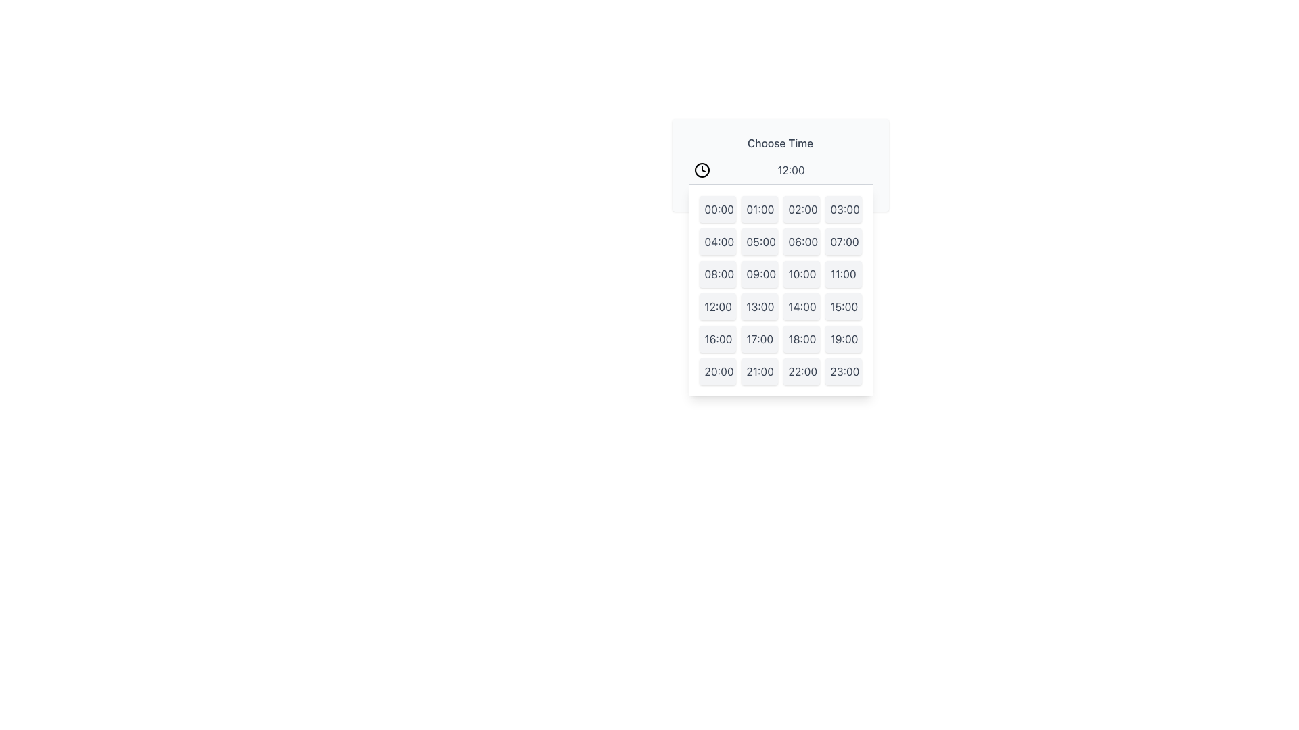 Image resolution: width=1299 pixels, height=730 pixels. Describe the element at coordinates (780, 170) in the screenshot. I see `the Time selector display field located below the 'Choose Time' header` at that location.